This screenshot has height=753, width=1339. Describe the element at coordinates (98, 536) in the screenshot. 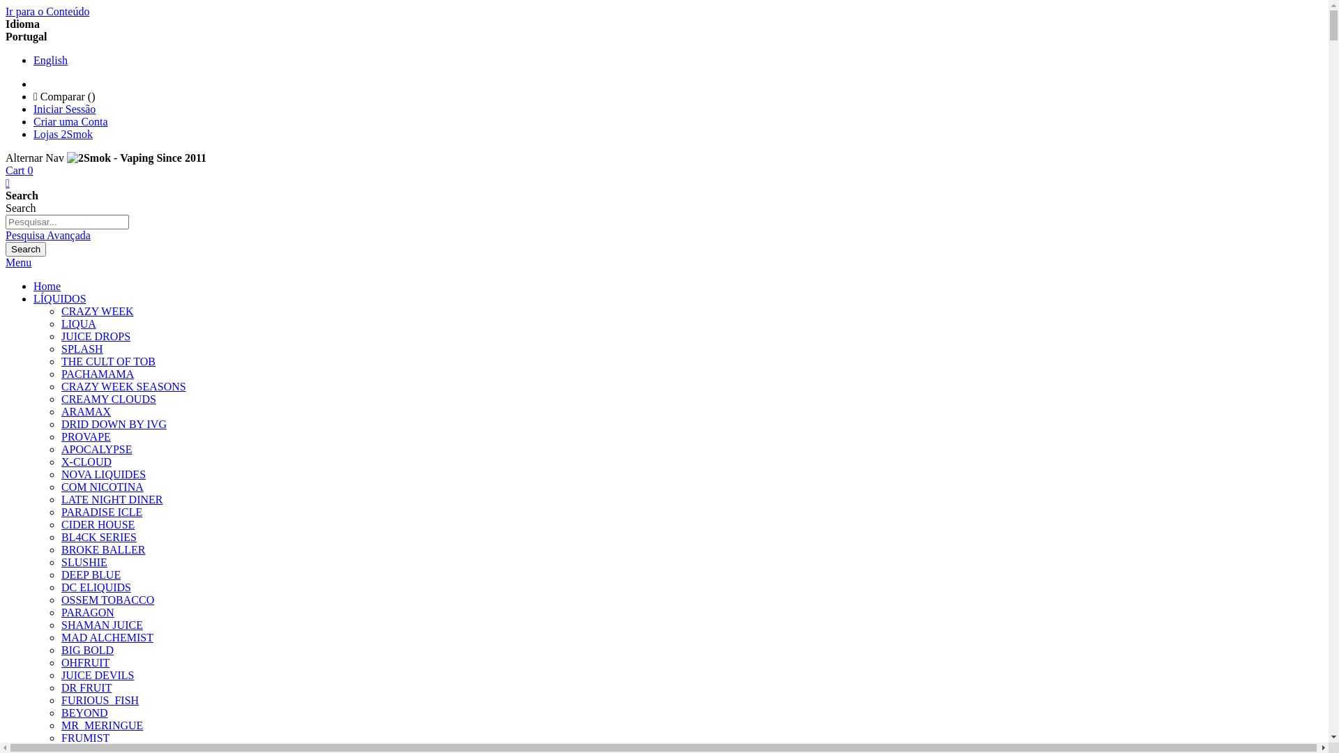

I see `'BL4CK SERIES'` at that location.